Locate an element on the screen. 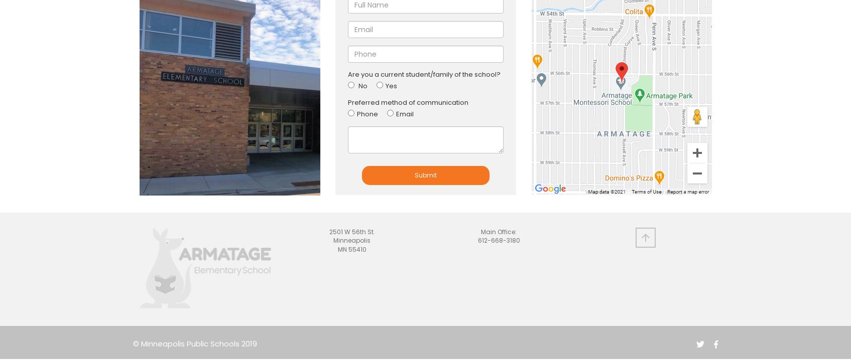 The width and height of the screenshot is (851, 363). 'Are you a current student/family of the school?' is located at coordinates (423, 74).